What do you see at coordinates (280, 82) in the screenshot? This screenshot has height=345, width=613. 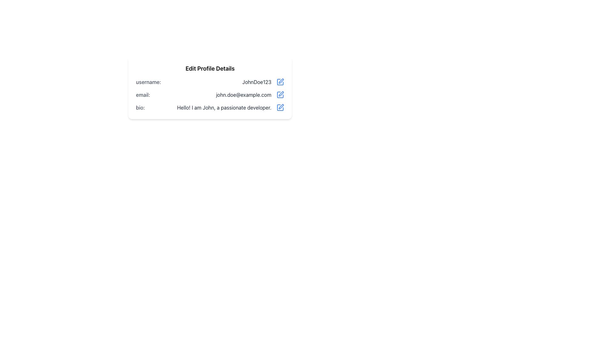 I see `the edit icon SVG graphic located to the right of the username 'JohnDoe123'` at bounding box center [280, 82].